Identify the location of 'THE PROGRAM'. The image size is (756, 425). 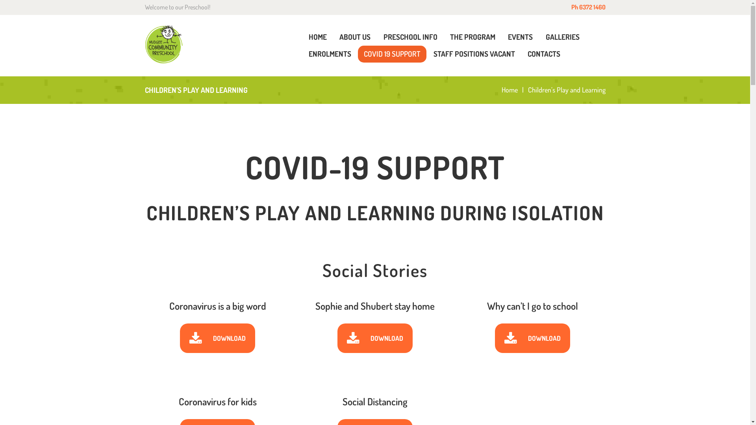
(444, 37).